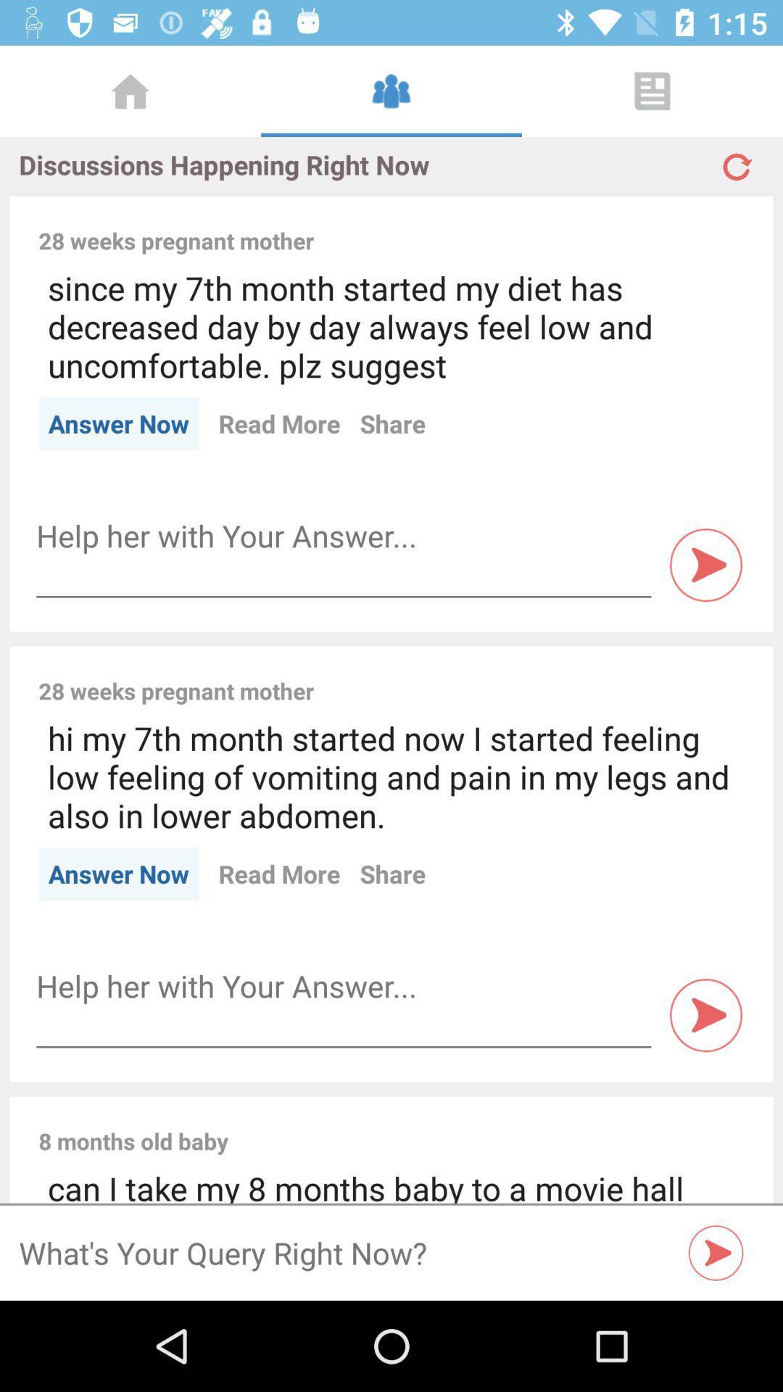 The image size is (783, 1392). Describe the element at coordinates (344, 986) in the screenshot. I see `answer` at that location.